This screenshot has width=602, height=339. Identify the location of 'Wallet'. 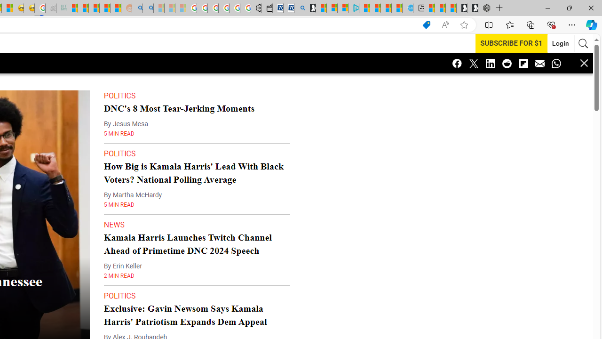
(266, 8).